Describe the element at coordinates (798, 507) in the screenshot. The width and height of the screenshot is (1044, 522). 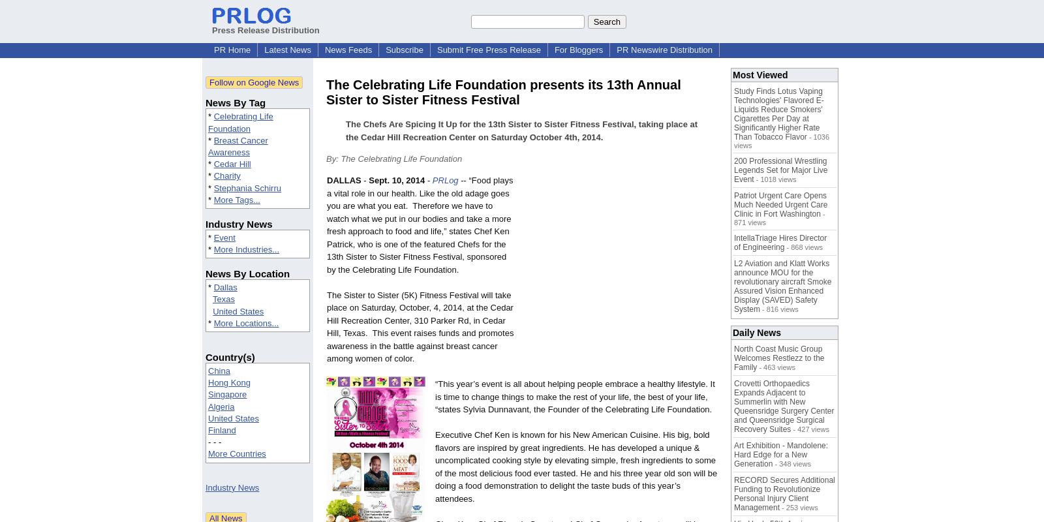
I see `'- 253 views'` at that location.